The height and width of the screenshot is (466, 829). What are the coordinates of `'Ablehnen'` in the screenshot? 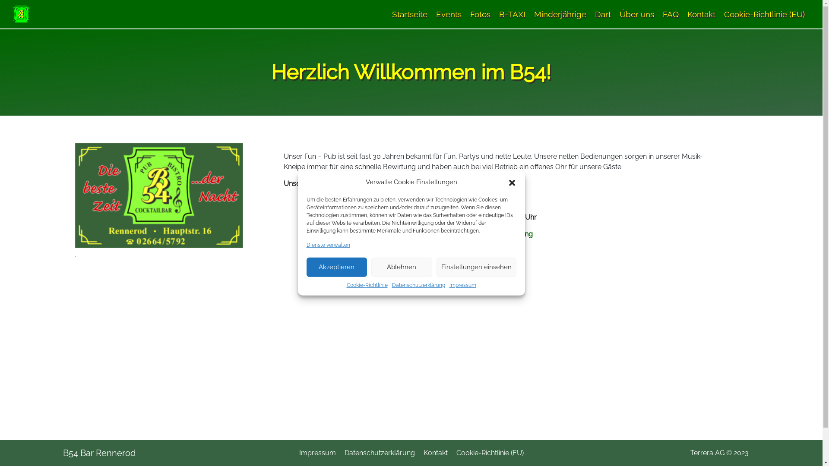 It's located at (401, 266).